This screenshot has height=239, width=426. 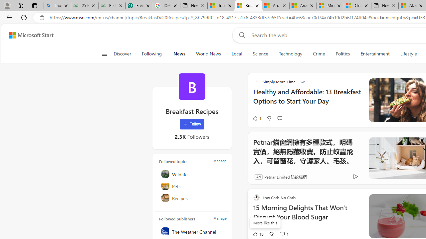 I want to click on 'Class: button-glyph', so click(x=104, y=54).